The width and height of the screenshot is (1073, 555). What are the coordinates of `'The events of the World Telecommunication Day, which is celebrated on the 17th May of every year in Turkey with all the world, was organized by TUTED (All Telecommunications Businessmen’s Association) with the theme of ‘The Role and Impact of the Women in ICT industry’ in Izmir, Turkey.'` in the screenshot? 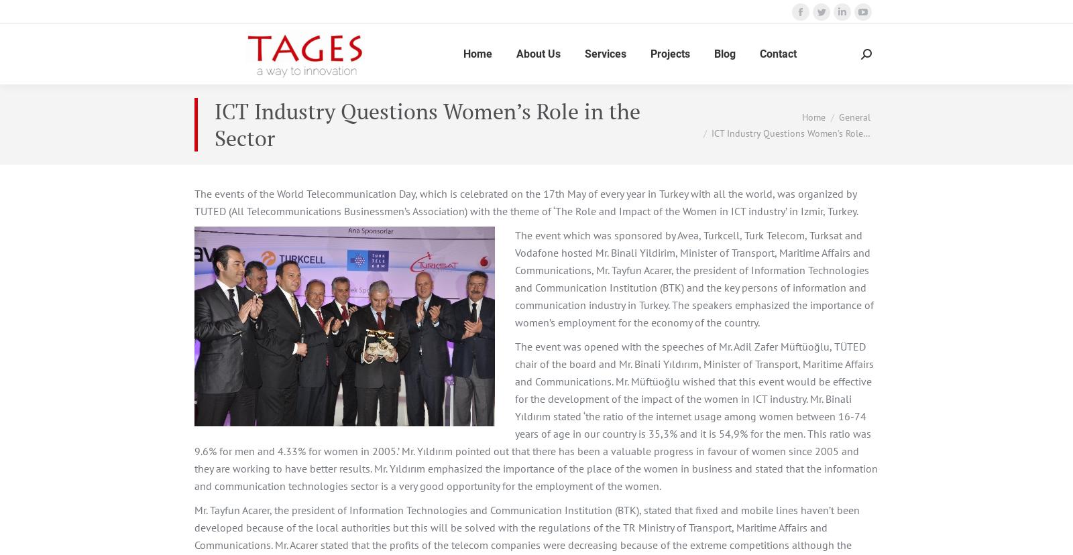 It's located at (194, 202).